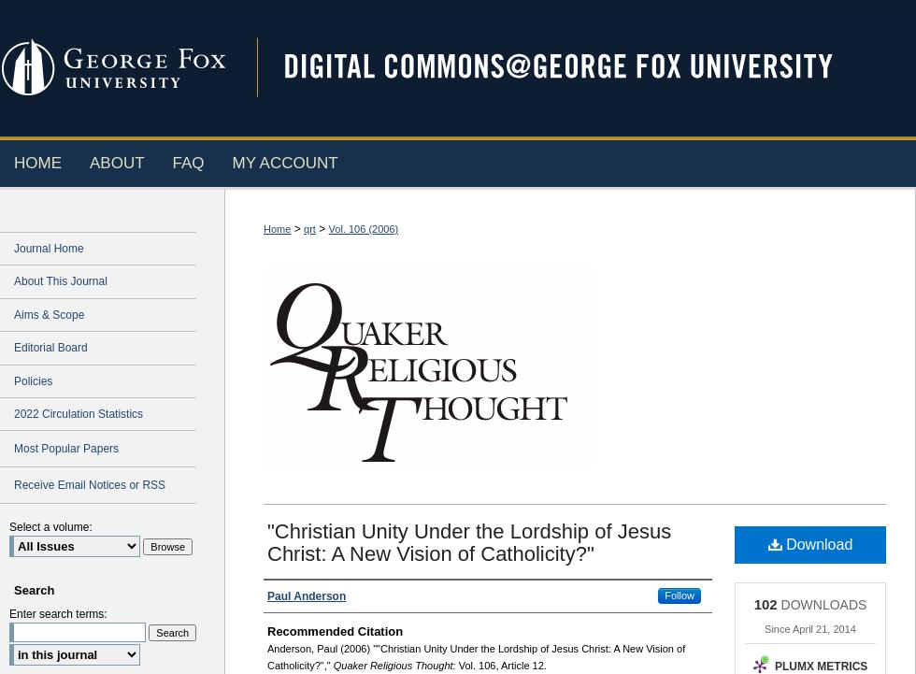 The width and height of the screenshot is (916, 674). I want to click on 'Aims & Scope', so click(49, 313).